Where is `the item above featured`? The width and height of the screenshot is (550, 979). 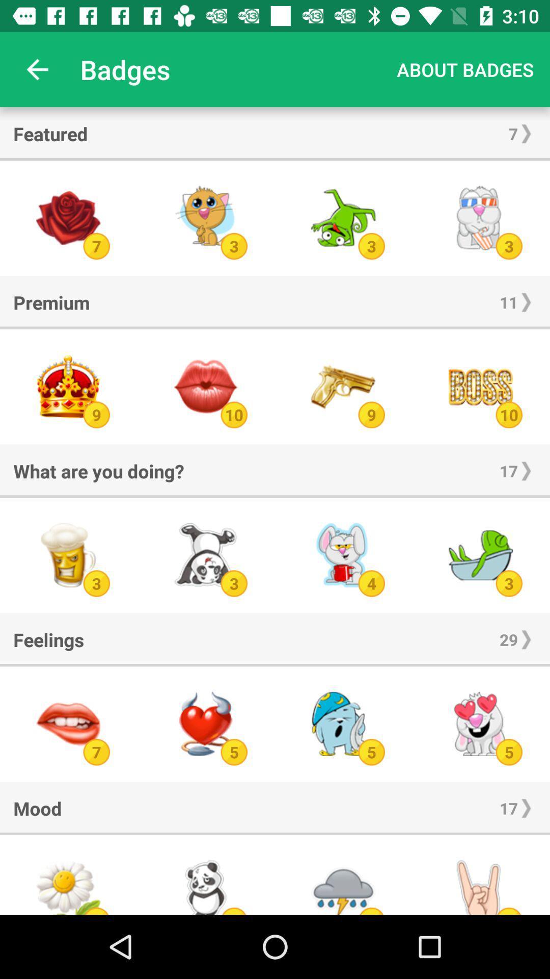
the item above featured is located at coordinates (37, 69).